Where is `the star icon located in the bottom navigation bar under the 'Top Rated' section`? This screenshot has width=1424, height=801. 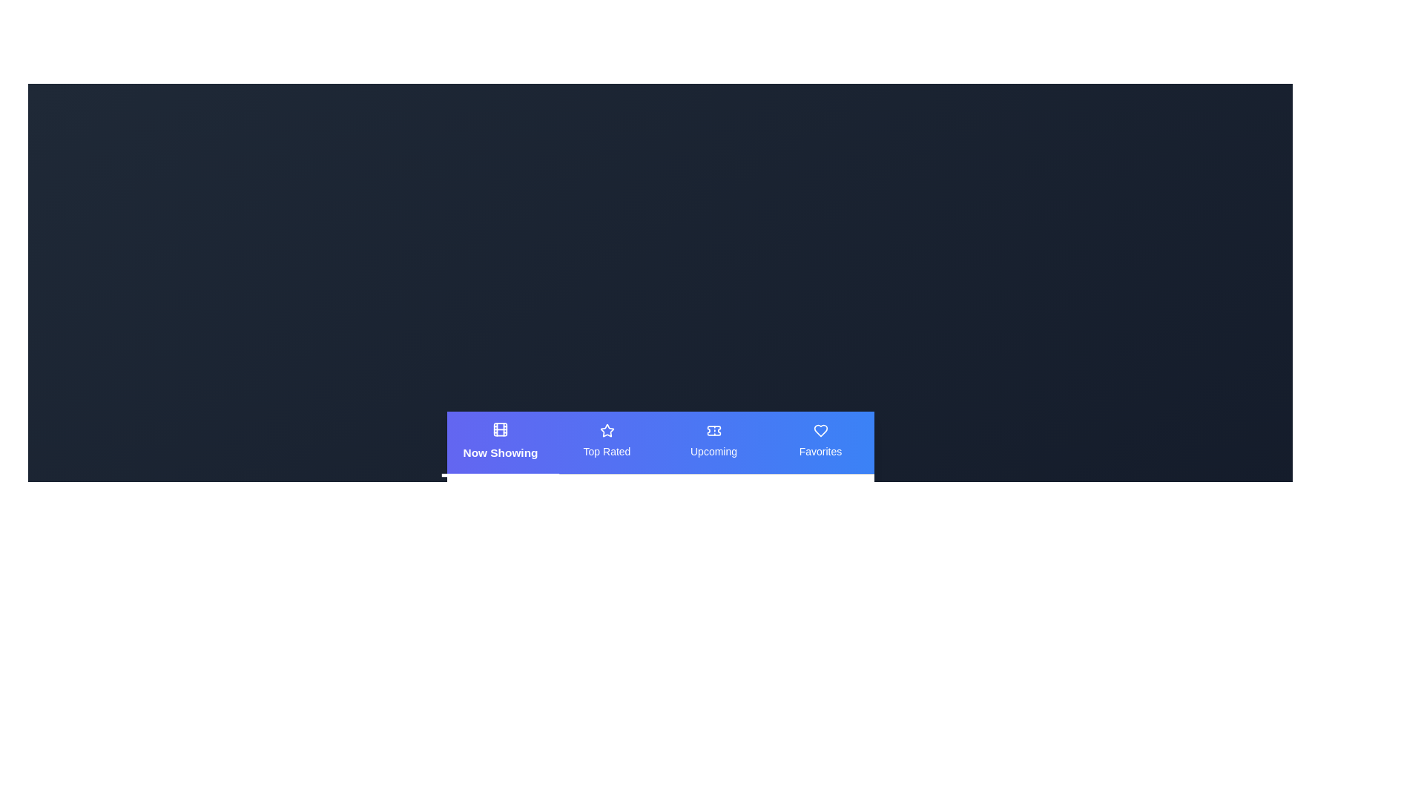 the star icon located in the bottom navigation bar under the 'Top Rated' section is located at coordinates (607, 430).